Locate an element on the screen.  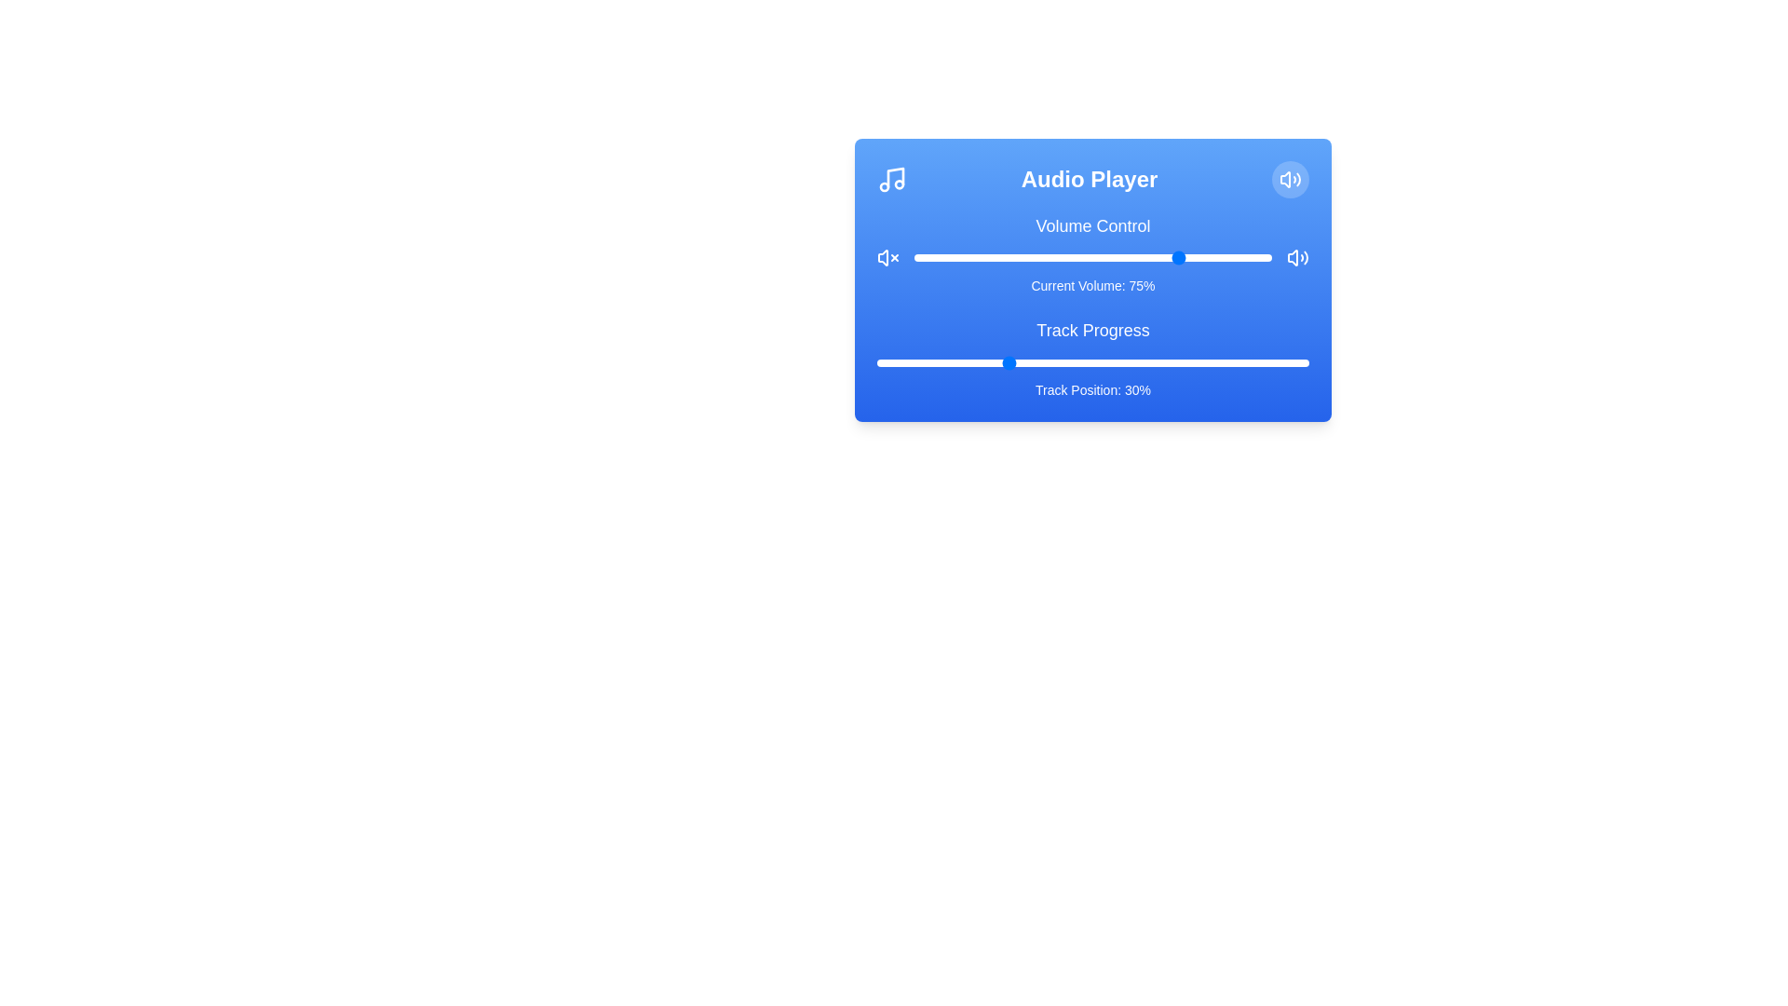
track position is located at coordinates (1127, 362).